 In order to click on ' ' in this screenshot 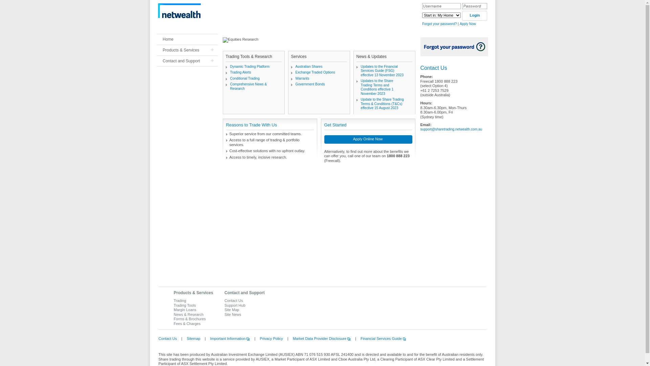, I will do `click(156, 11)`.